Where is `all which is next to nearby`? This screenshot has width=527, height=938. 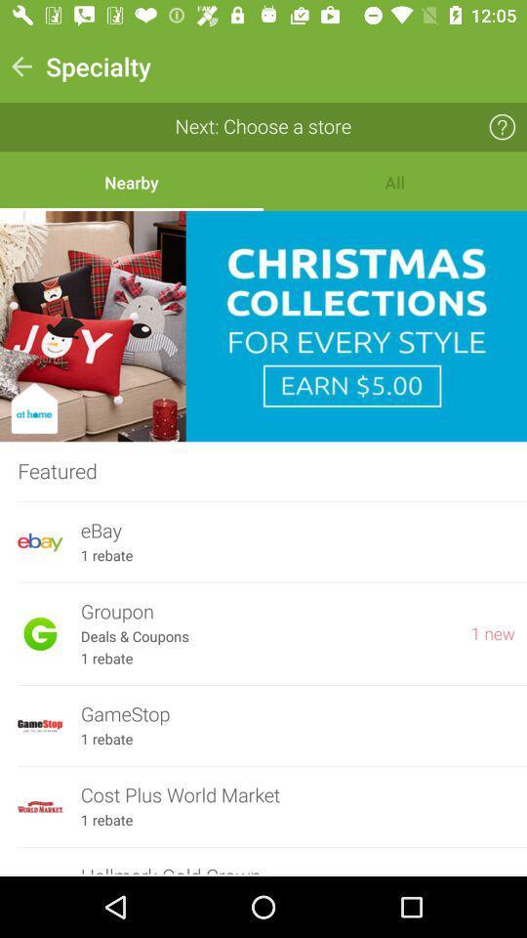 all which is next to nearby is located at coordinates (395, 182).